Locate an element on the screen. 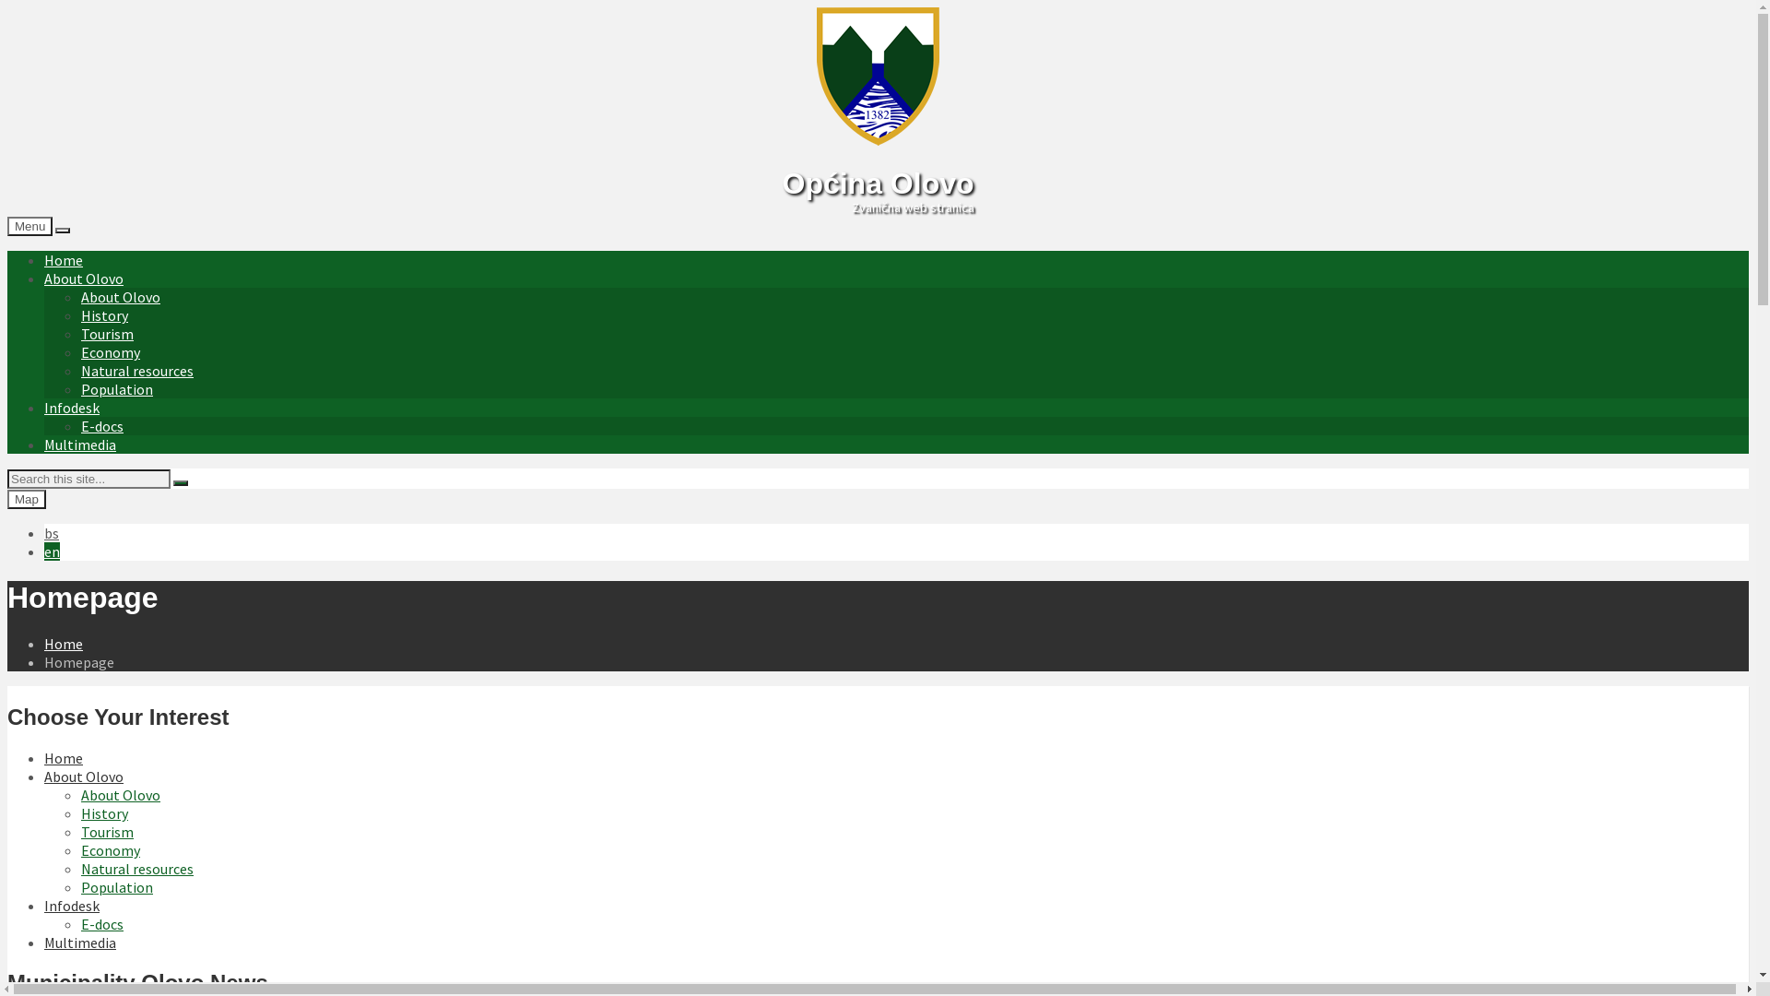 Image resolution: width=1770 pixels, height=996 pixels. 'Natural resources' is located at coordinates (136, 868).